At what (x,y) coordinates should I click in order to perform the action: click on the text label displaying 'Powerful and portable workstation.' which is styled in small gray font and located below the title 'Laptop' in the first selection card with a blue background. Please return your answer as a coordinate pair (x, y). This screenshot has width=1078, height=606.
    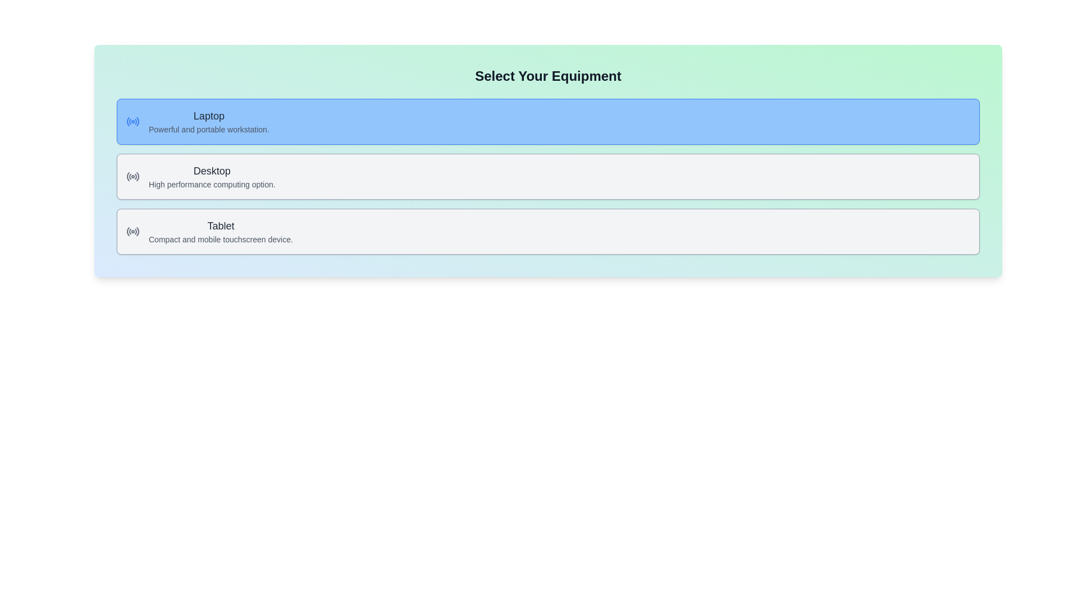
    Looking at the image, I should click on (209, 129).